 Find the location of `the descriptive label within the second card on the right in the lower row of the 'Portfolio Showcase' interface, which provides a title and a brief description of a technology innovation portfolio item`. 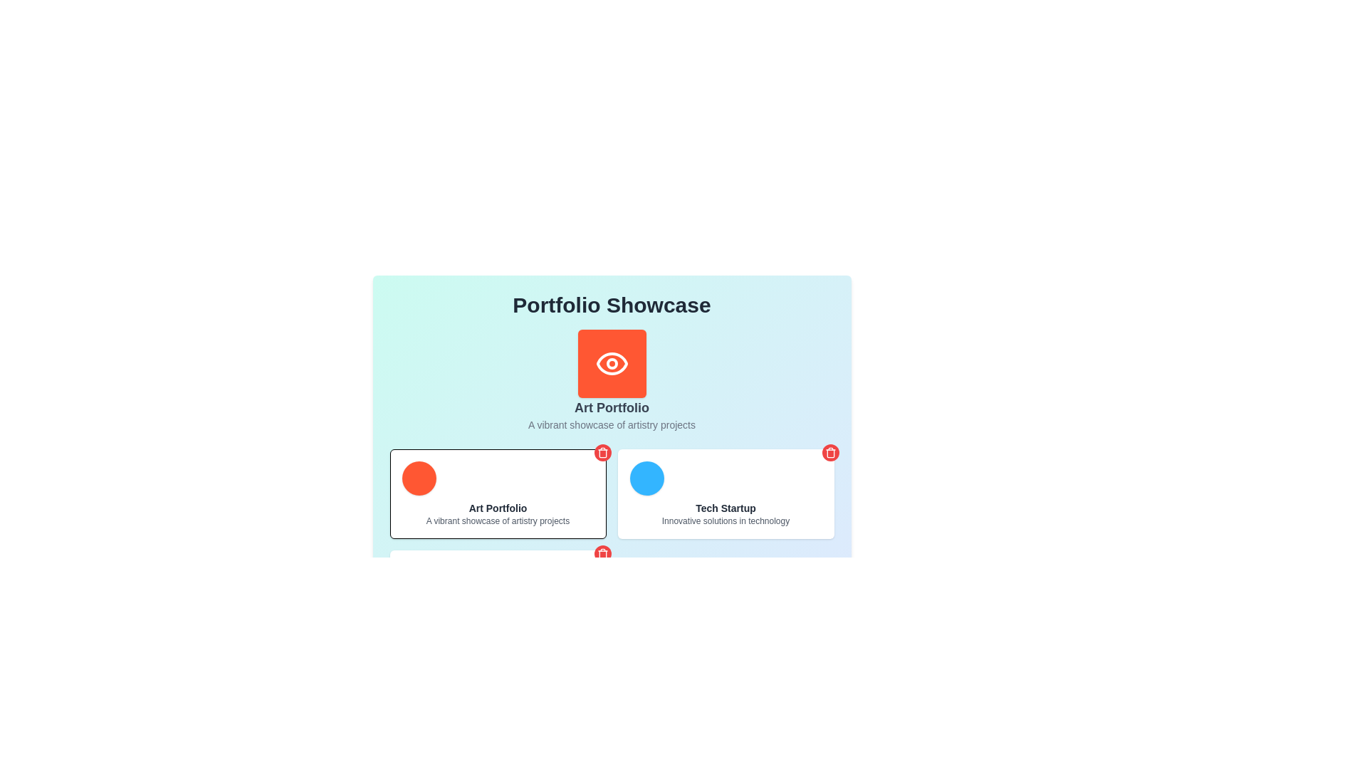

the descriptive label within the second card on the right in the lower row of the 'Portfolio Showcase' interface, which provides a title and a brief description of a technology innovation portfolio item is located at coordinates (726, 513).